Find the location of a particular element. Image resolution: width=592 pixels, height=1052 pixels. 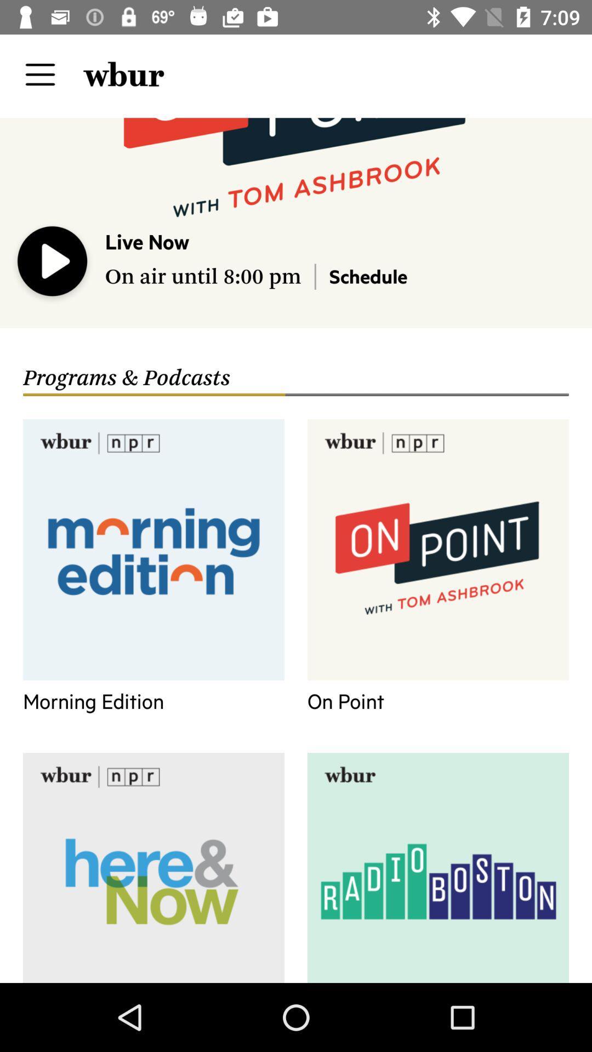

schedule icon is located at coordinates (368, 276).